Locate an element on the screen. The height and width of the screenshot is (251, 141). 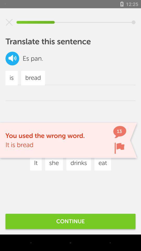
icon below the you used the is located at coordinates (49, 147).